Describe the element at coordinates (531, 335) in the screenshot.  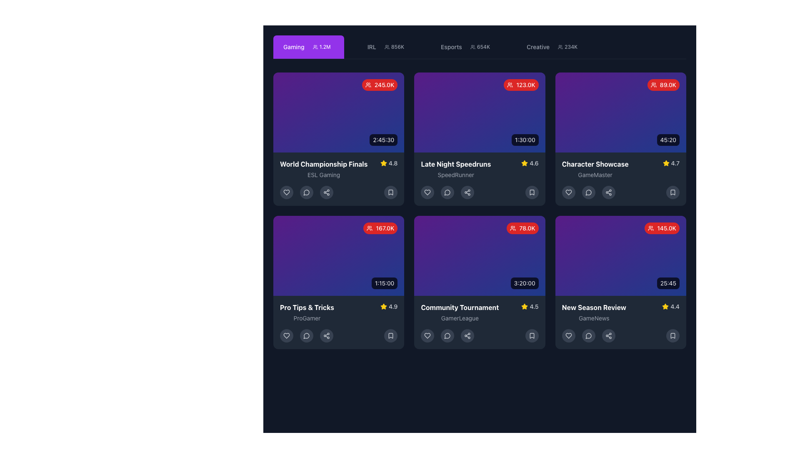
I see `the bookmarking icon located in the bottom-right corner of the 'Community Tournament' card` at that location.